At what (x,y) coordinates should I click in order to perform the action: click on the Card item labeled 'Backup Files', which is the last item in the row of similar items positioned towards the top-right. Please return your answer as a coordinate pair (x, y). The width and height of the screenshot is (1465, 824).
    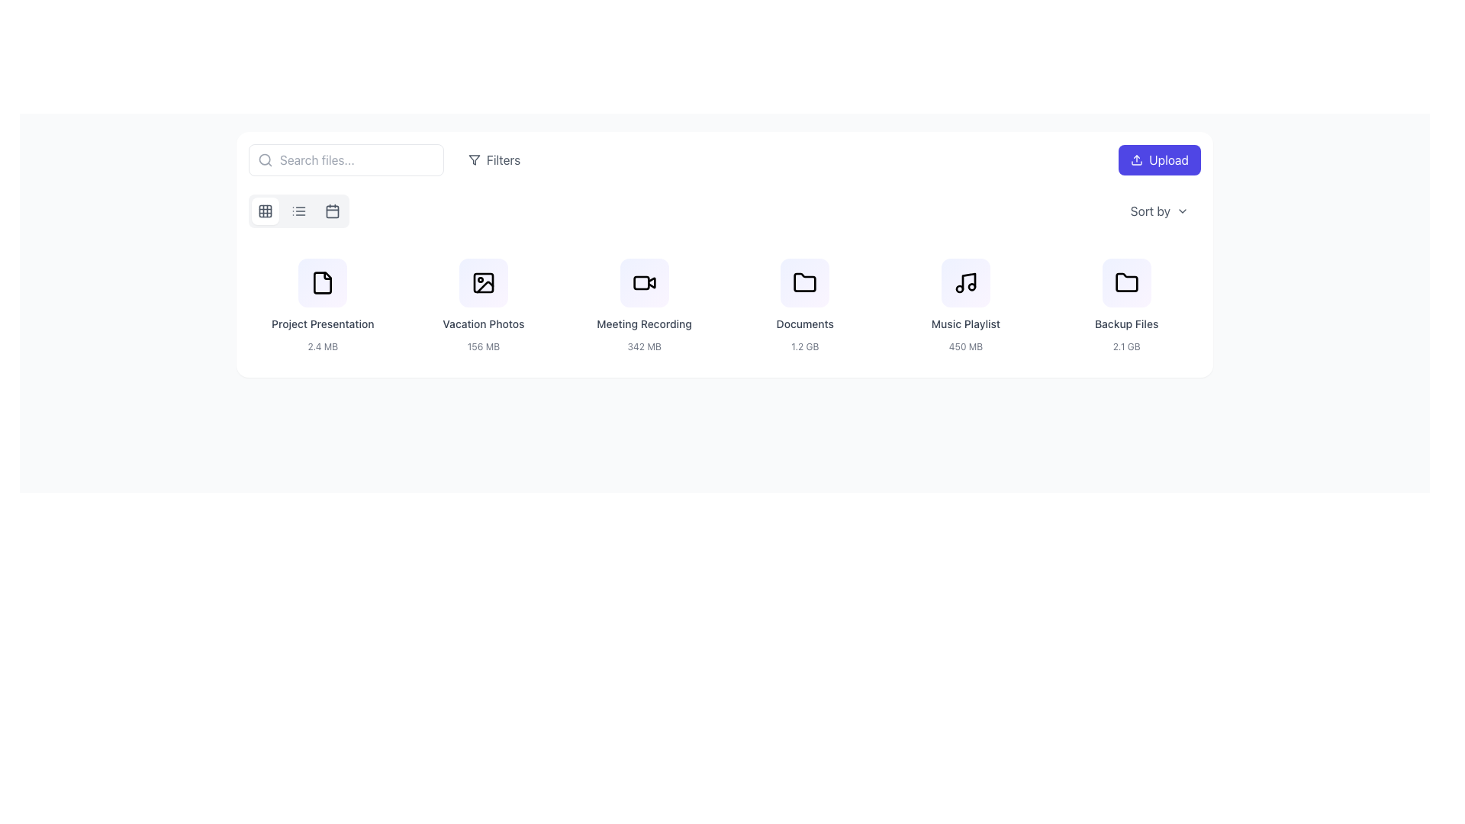
    Looking at the image, I should click on (1126, 306).